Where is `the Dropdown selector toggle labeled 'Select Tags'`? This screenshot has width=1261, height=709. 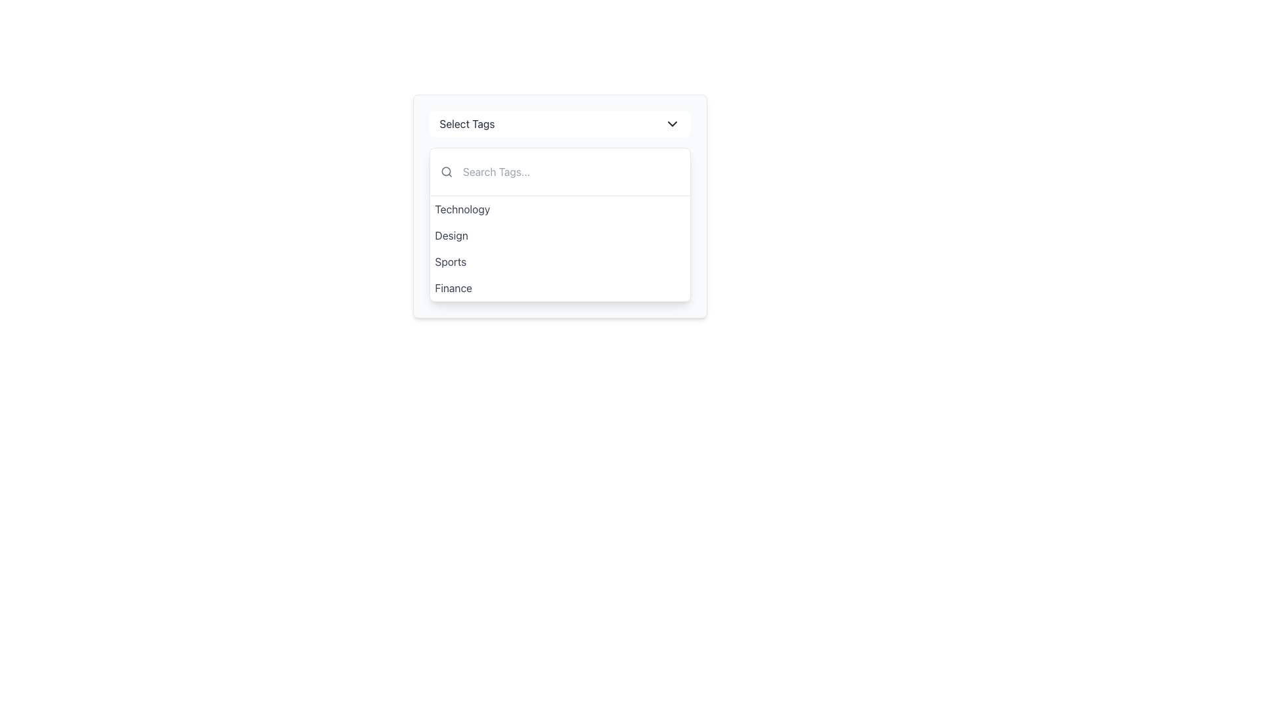
the Dropdown selector toggle labeled 'Select Tags' is located at coordinates (560, 124).